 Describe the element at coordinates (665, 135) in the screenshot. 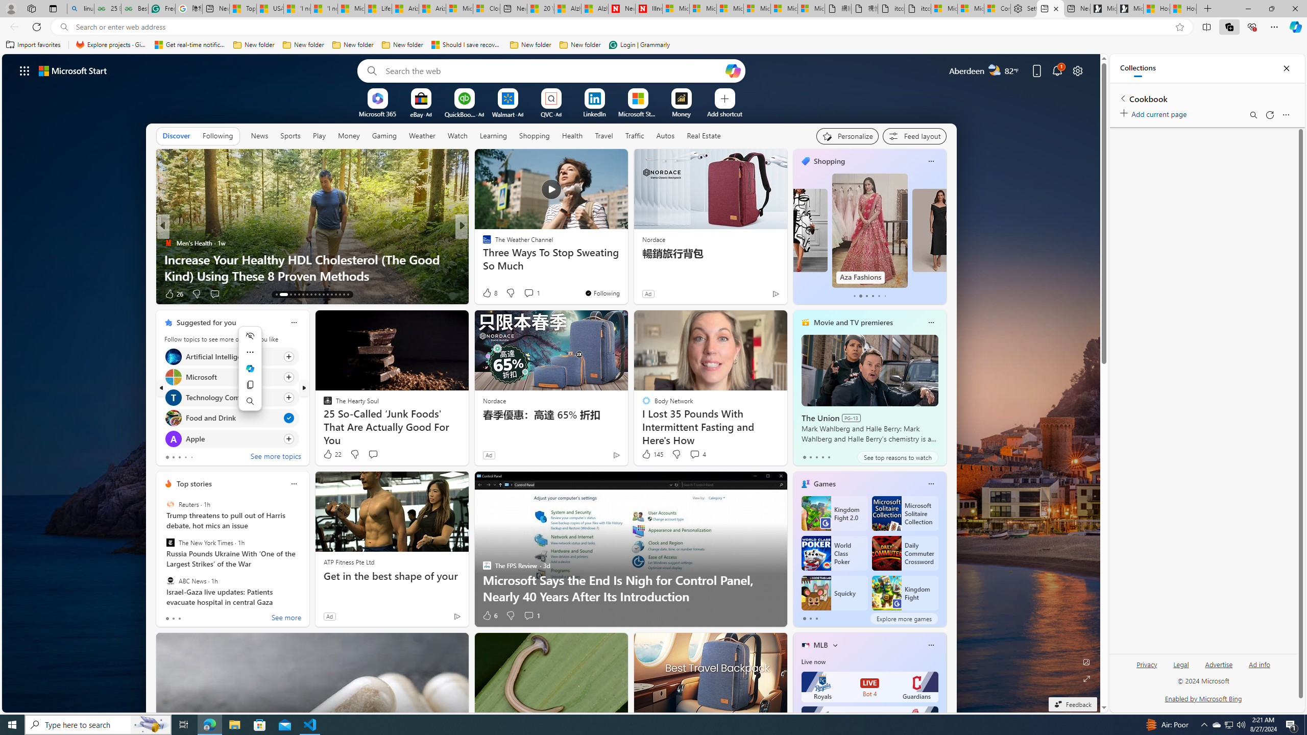

I see `'Autos'` at that location.